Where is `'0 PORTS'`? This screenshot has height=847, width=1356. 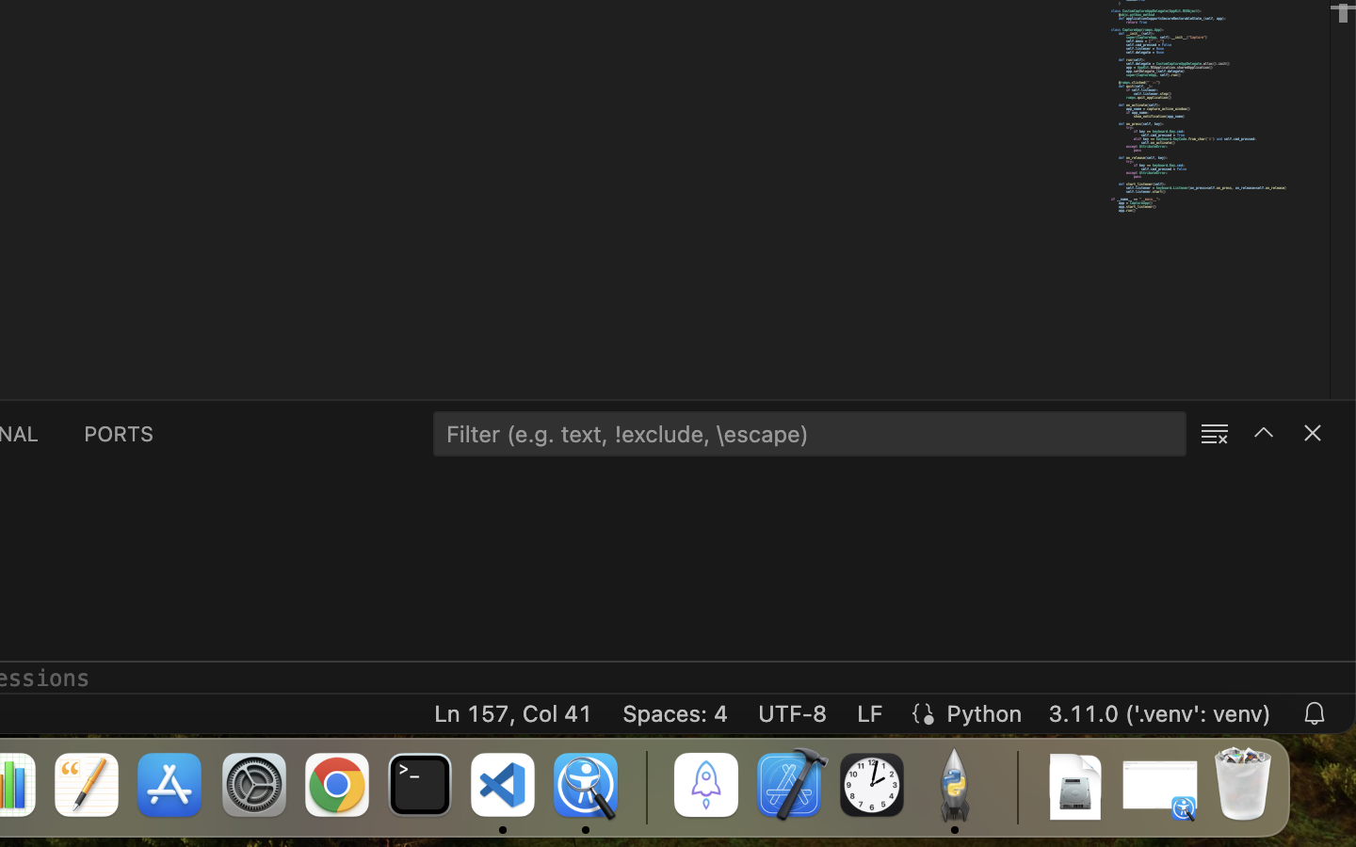
'0 PORTS' is located at coordinates (119, 431).